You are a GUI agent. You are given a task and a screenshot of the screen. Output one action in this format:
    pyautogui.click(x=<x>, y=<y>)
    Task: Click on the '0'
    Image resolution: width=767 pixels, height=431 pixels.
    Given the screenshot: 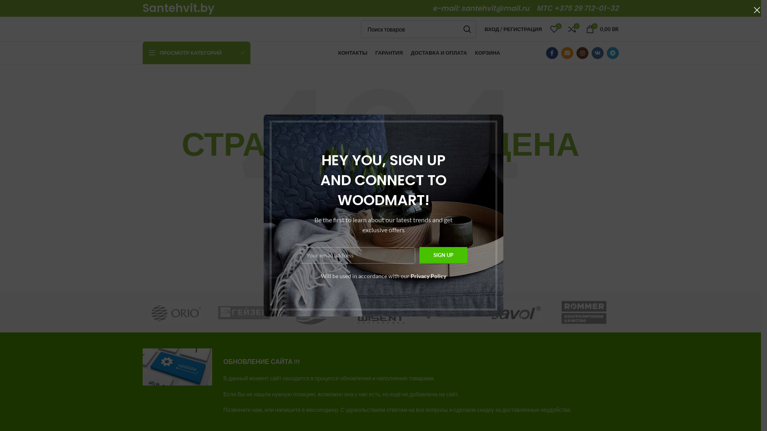 What is the action you would take?
    pyautogui.click(x=545, y=29)
    